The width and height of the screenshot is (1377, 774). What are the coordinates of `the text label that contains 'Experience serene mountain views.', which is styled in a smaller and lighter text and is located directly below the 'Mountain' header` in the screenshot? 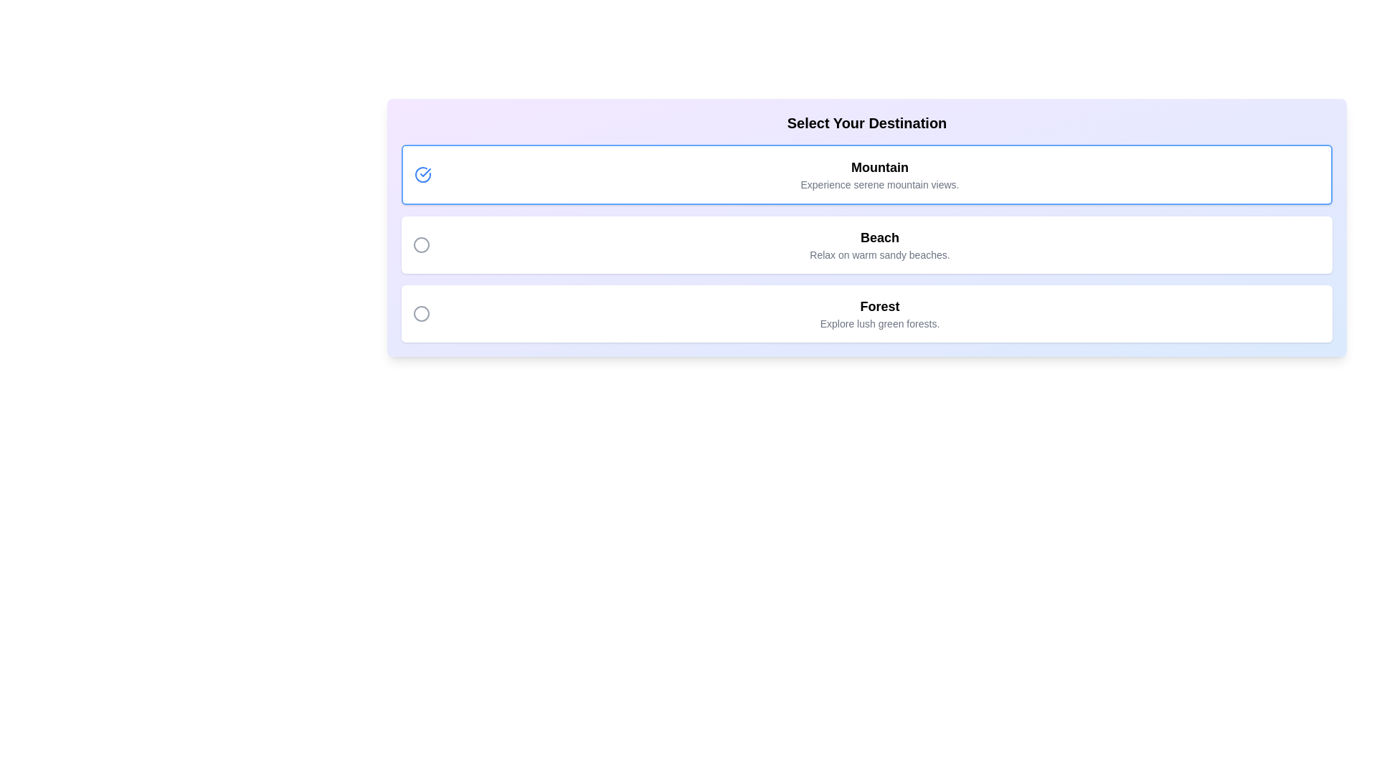 It's located at (879, 184).